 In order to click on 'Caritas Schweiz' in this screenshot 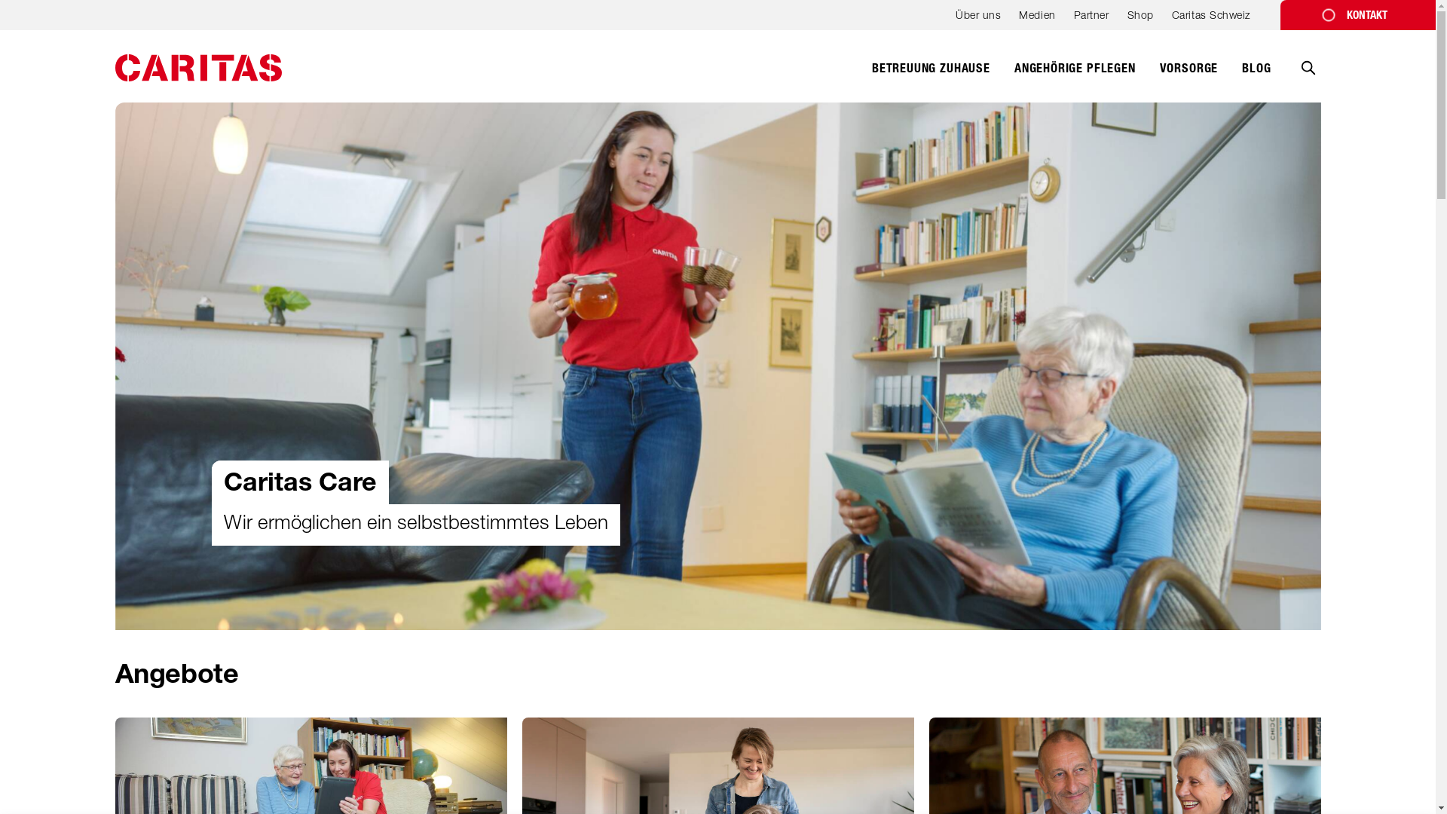, I will do `click(1171, 20)`.